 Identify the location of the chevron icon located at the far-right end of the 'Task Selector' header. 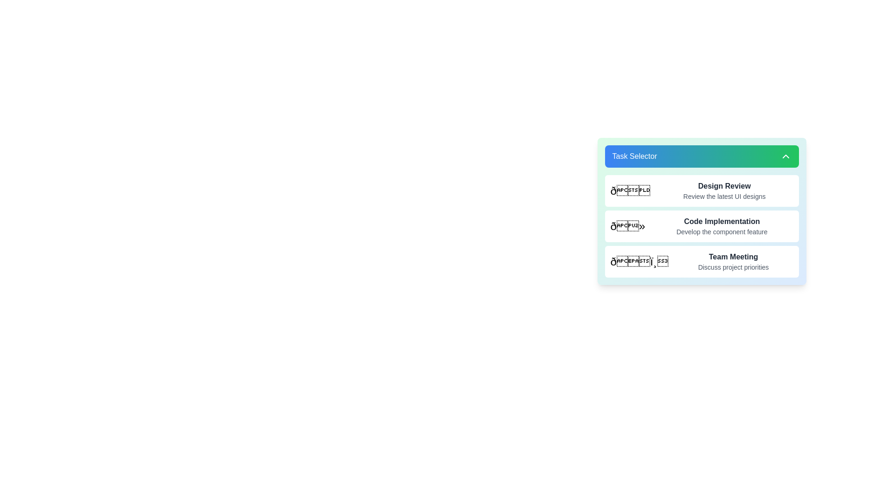
(785, 156).